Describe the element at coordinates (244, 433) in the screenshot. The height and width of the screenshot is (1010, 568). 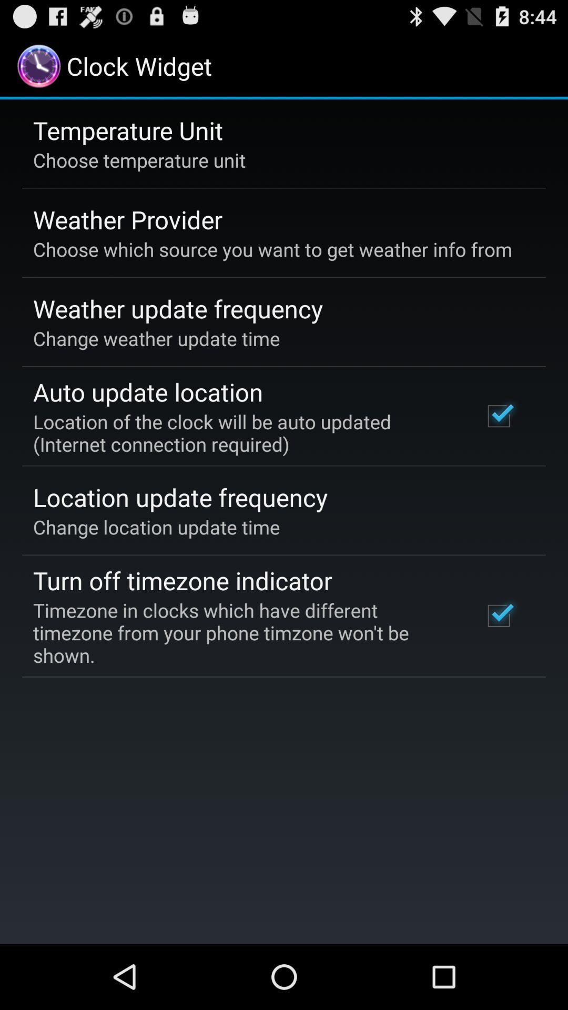
I see `location of the` at that location.